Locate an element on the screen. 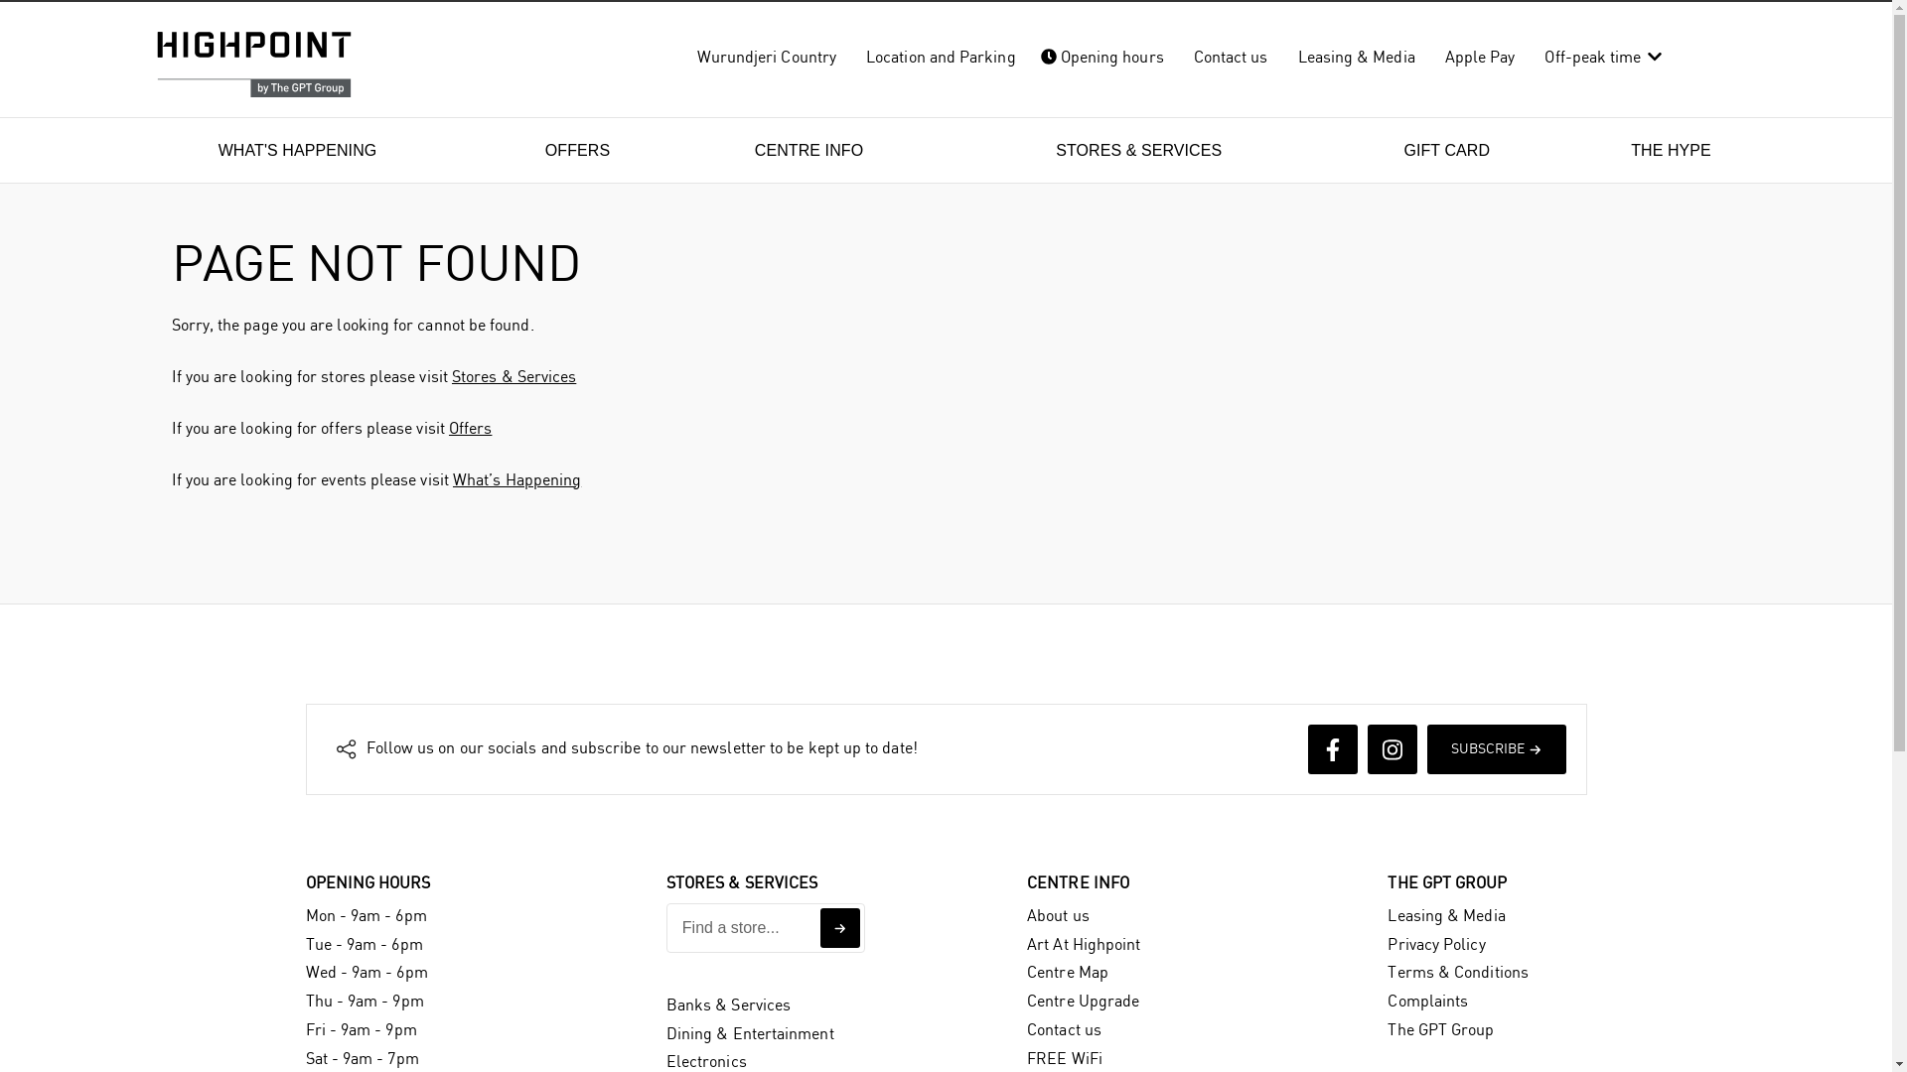 The width and height of the screenshot is (1907, 1072). 'Terms & Conditions' is located at coordinates (1457, 972).